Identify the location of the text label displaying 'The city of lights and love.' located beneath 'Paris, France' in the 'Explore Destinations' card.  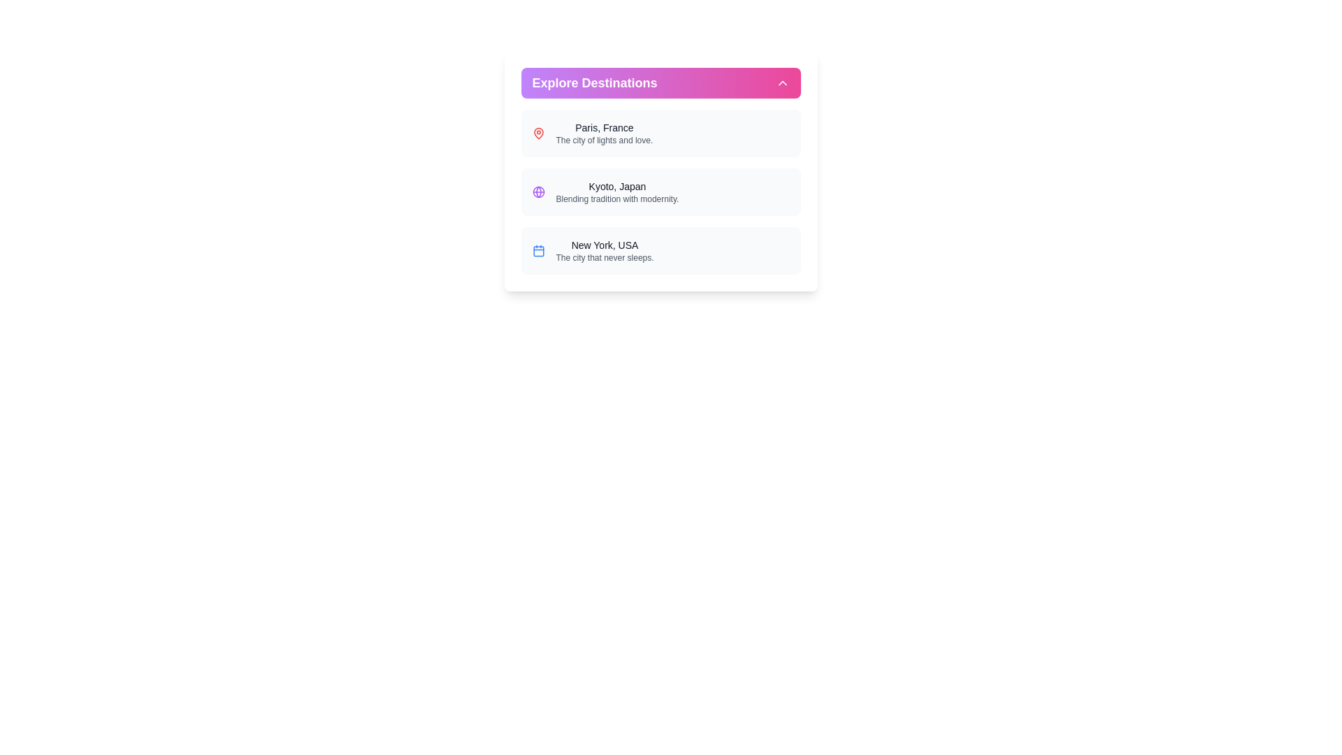
(604, 140).